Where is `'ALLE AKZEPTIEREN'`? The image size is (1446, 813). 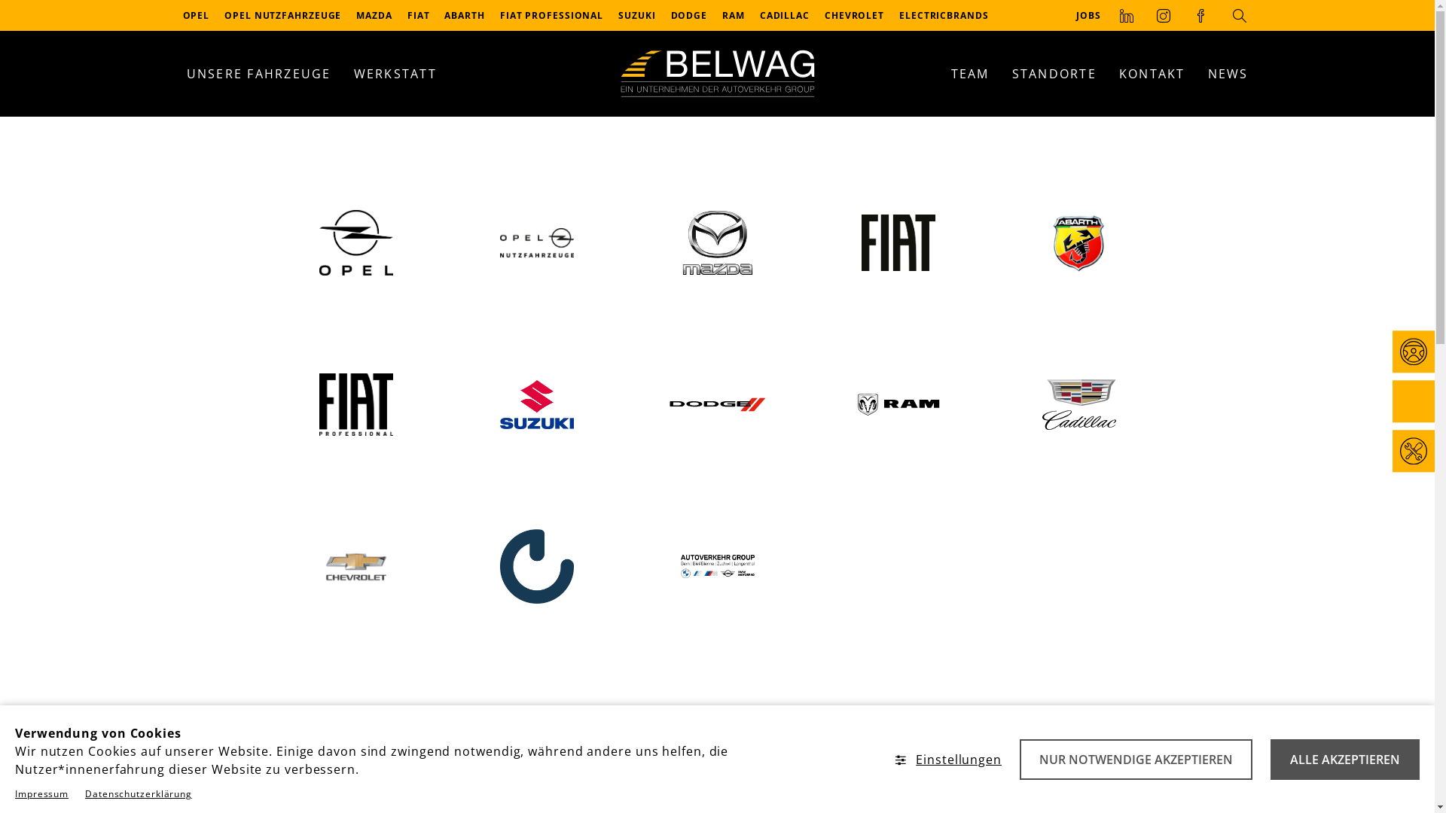
'ALLE AKZEPTIEREN' is located at coordinates (1344, 760).